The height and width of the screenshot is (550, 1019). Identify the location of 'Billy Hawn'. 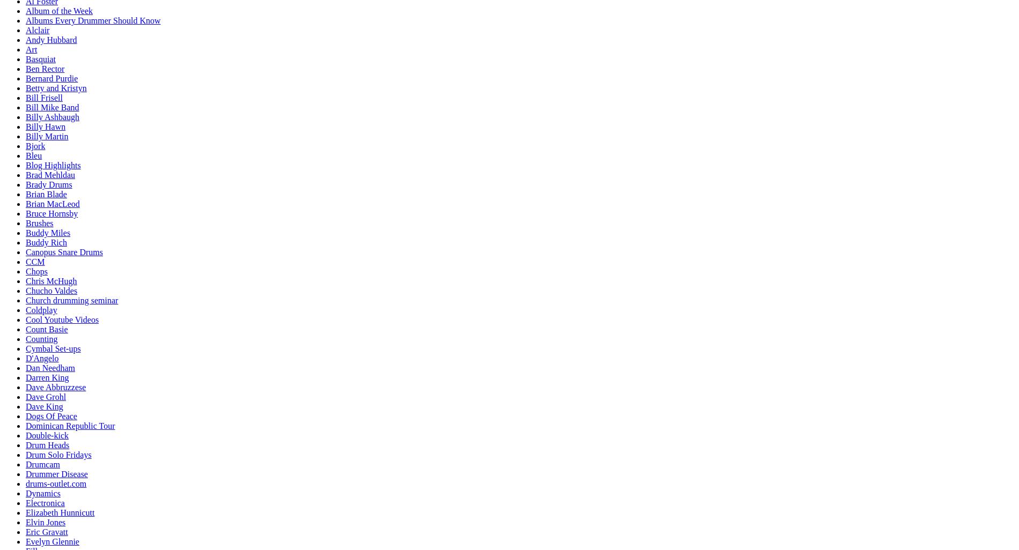
(45, 127).